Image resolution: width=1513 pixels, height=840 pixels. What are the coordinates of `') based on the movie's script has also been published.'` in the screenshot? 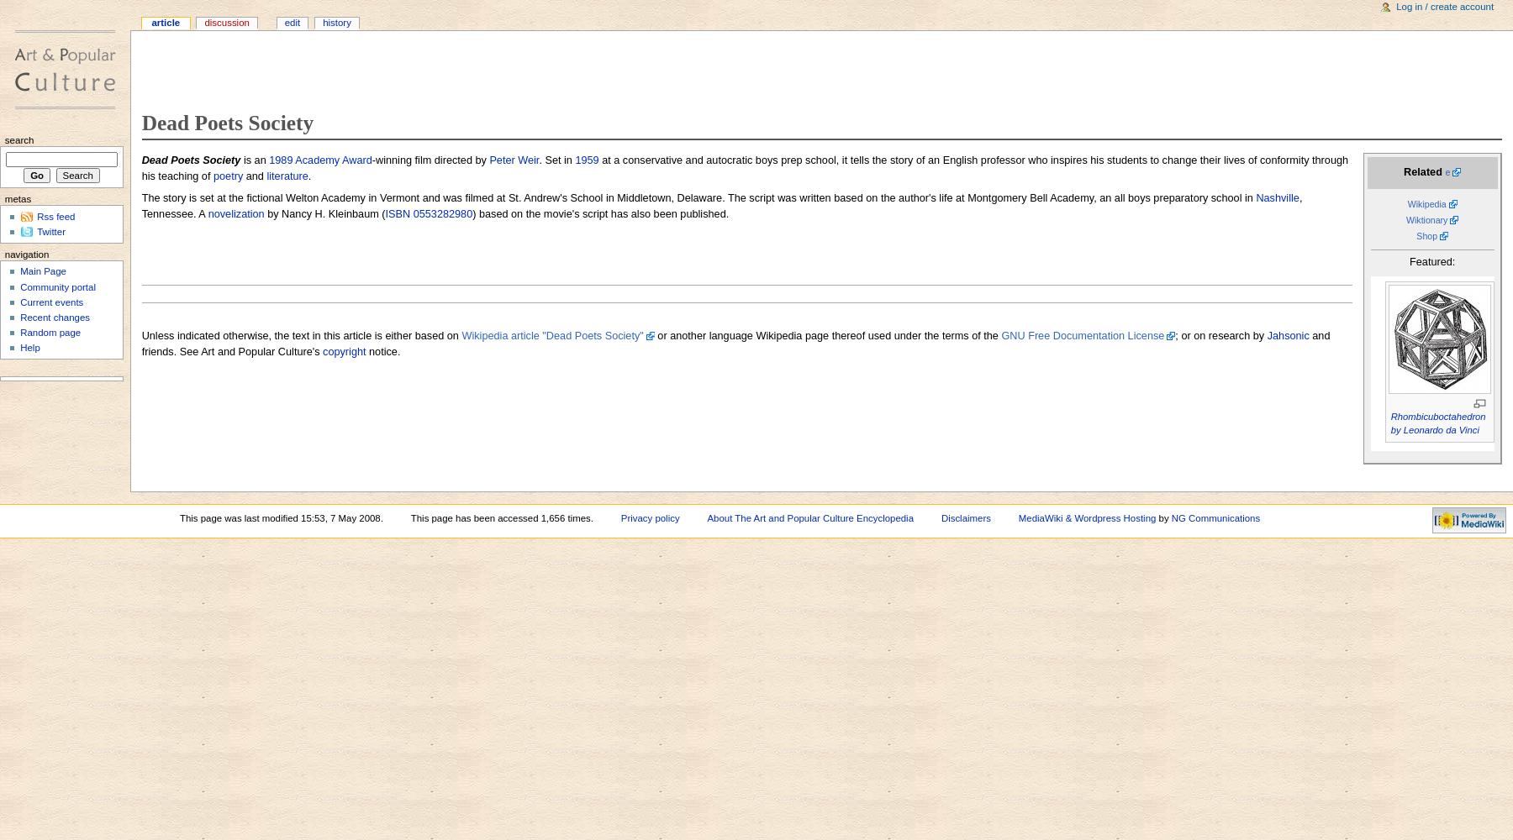 It's located at (599, 213).